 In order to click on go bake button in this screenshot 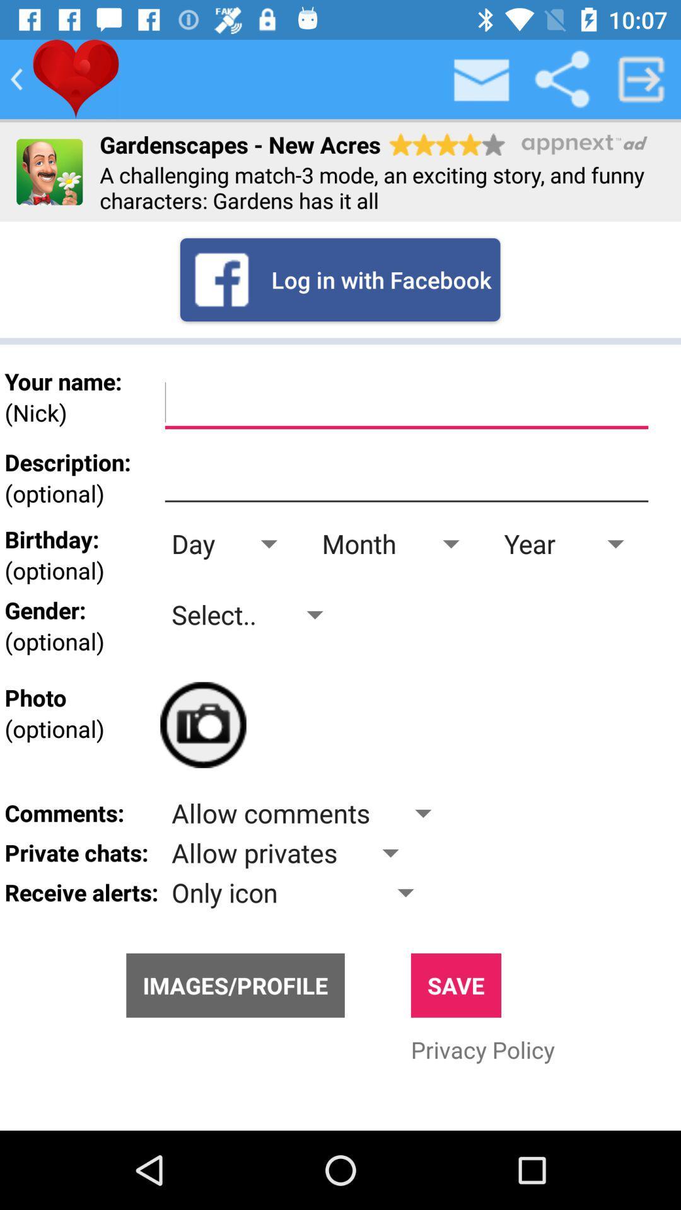, I will do `click(16, 78)`.